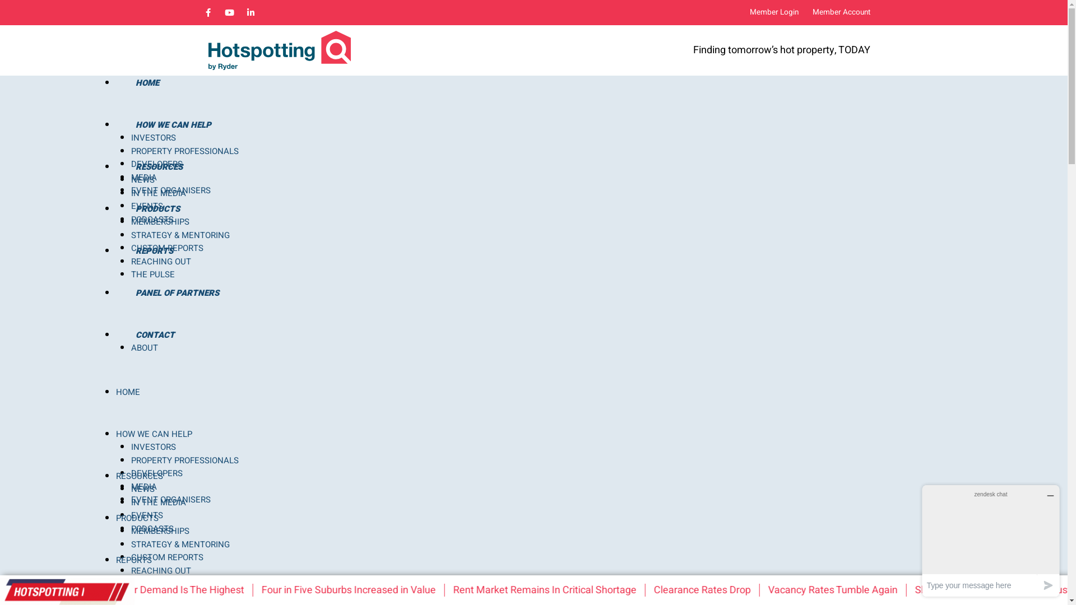  What do you see at coordinates (176, 292) in the screenshot?
I see `'PANEL OF PARTNERS'` at bounding box center [176, 292].